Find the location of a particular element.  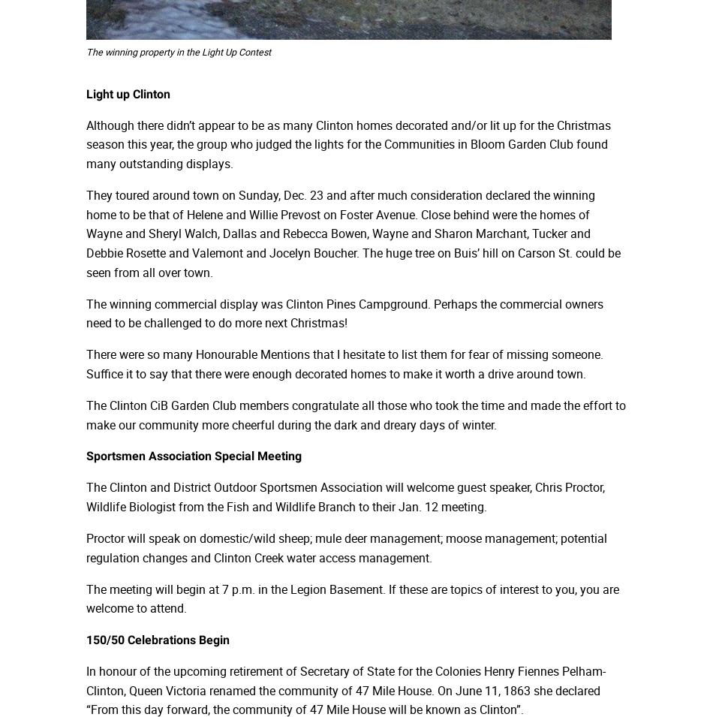

'Sportsmen Association Special Meeting' is located at coordinates (193, 456).